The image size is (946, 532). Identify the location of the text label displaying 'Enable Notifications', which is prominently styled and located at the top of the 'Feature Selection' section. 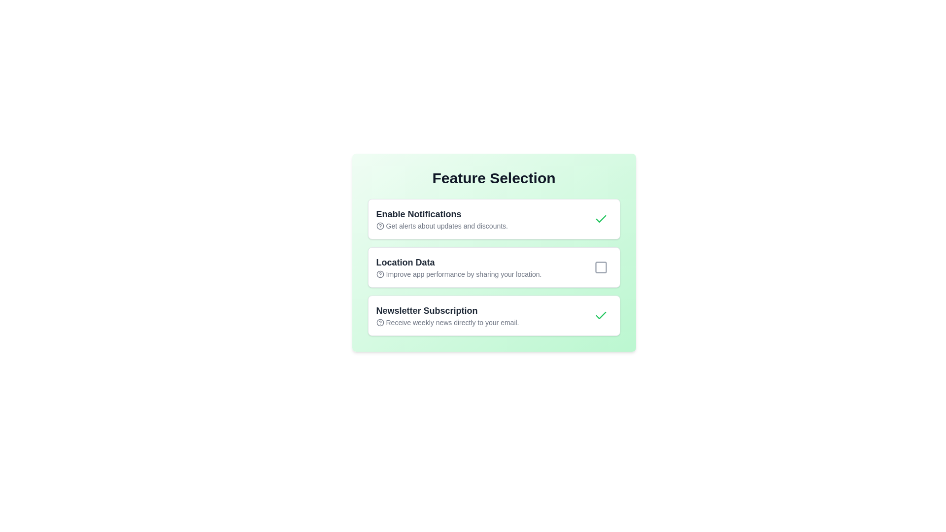
(441, 214).